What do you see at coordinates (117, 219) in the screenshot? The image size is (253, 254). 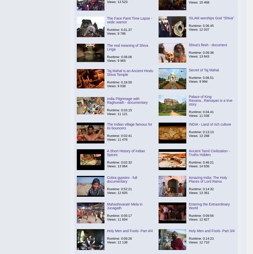 I see `'11 604'` at bounding box center [117, 219].